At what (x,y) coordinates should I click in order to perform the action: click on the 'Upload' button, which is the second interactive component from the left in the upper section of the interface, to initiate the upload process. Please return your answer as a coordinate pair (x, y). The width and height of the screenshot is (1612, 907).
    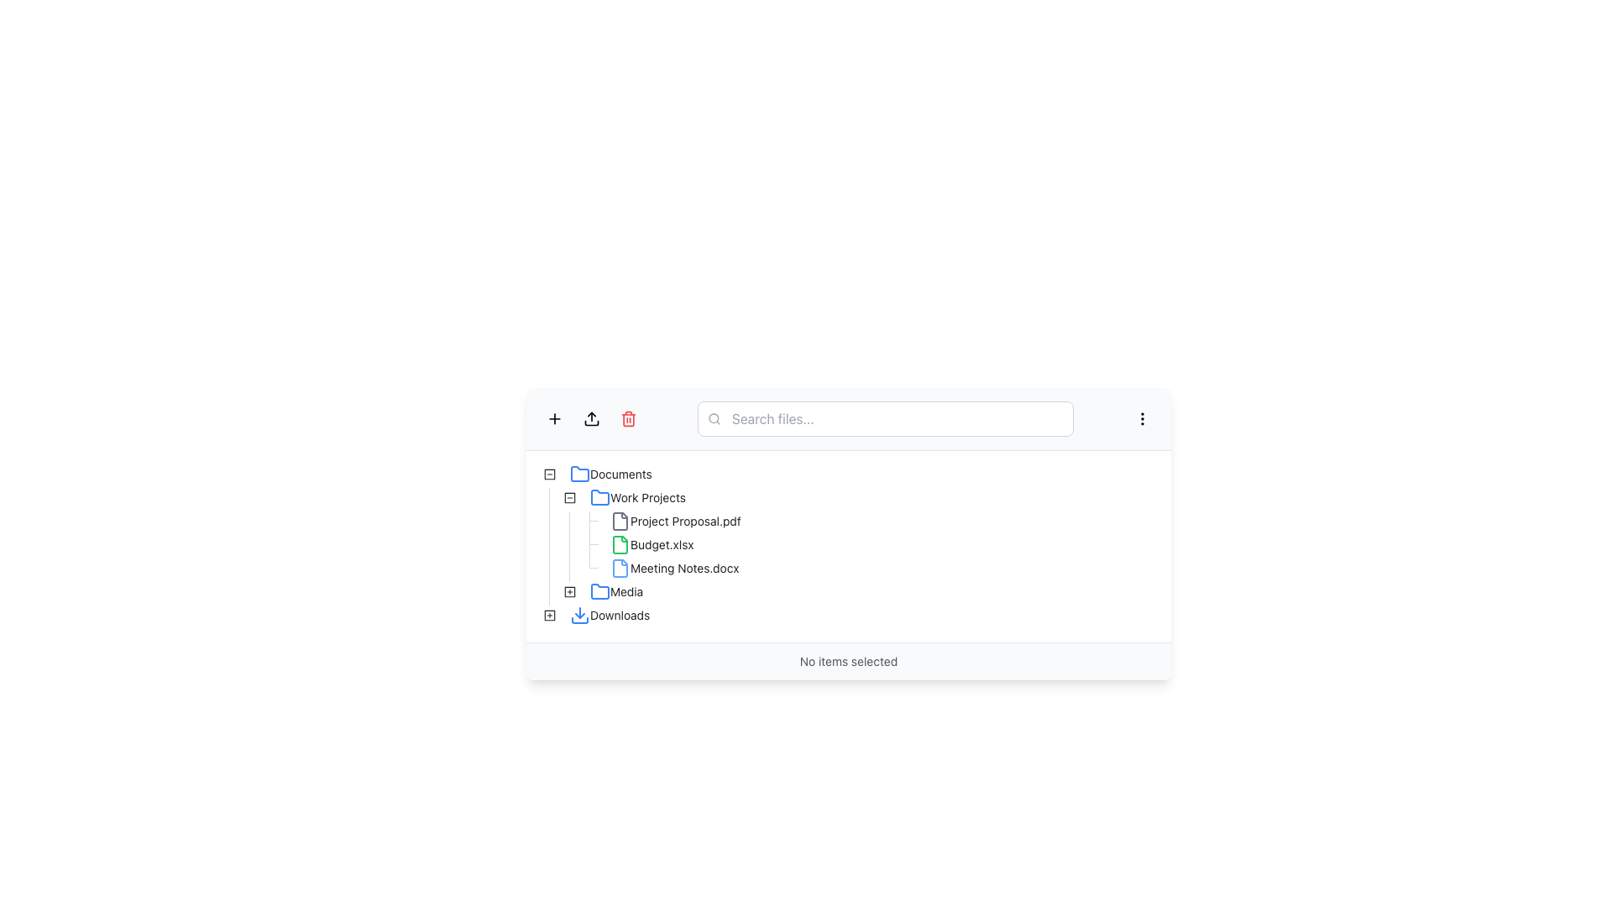
    Looking at the image, I should click on (592, 417).